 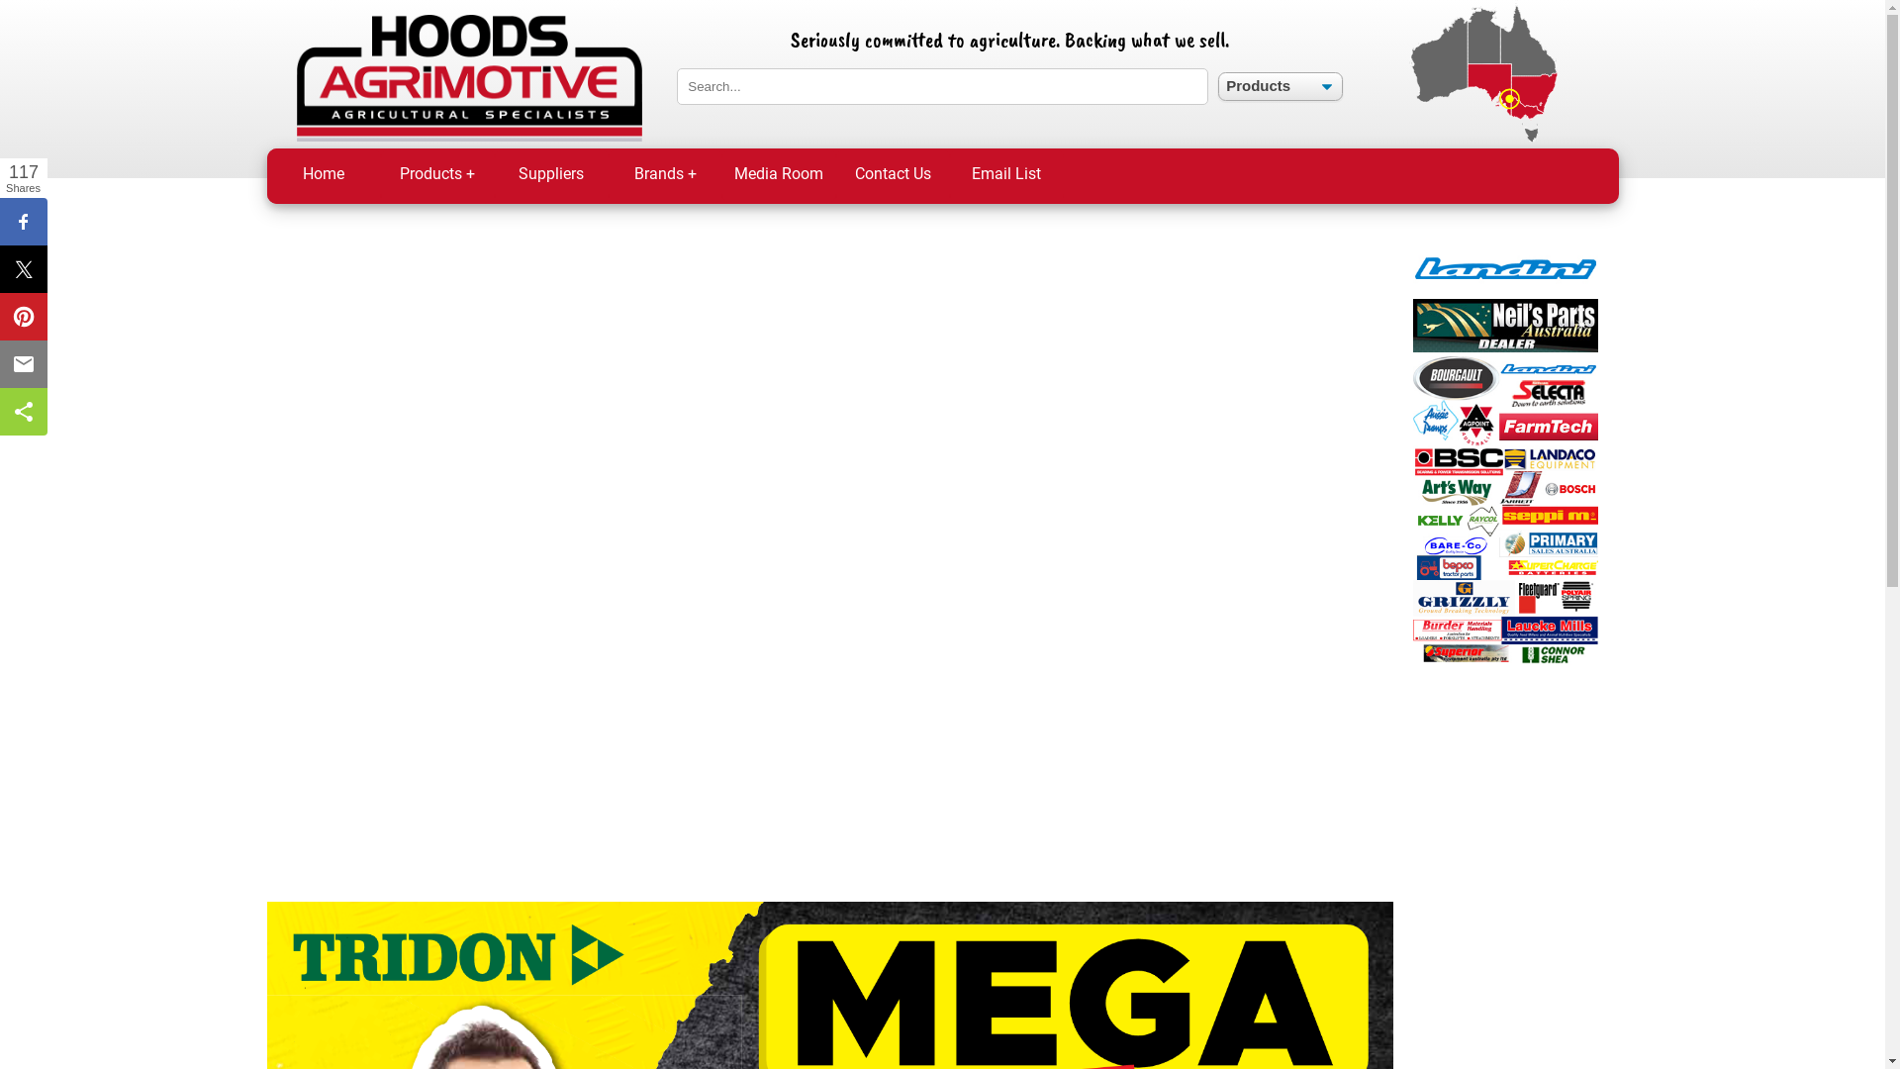 I want to click on 'Brands +', so click(x=664, y=174).